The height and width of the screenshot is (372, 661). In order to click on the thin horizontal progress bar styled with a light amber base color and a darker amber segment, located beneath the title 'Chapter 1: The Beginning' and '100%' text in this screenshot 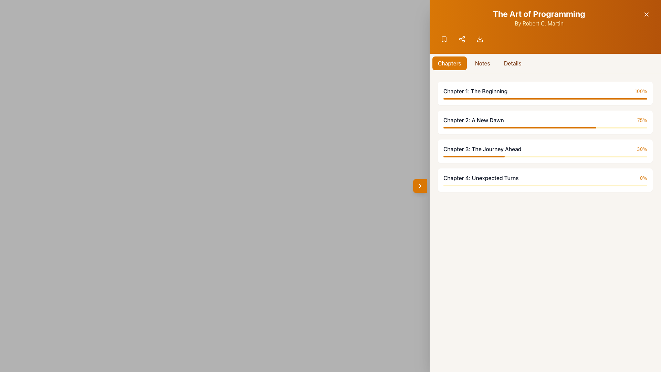, I will do `click(545, 99)`.